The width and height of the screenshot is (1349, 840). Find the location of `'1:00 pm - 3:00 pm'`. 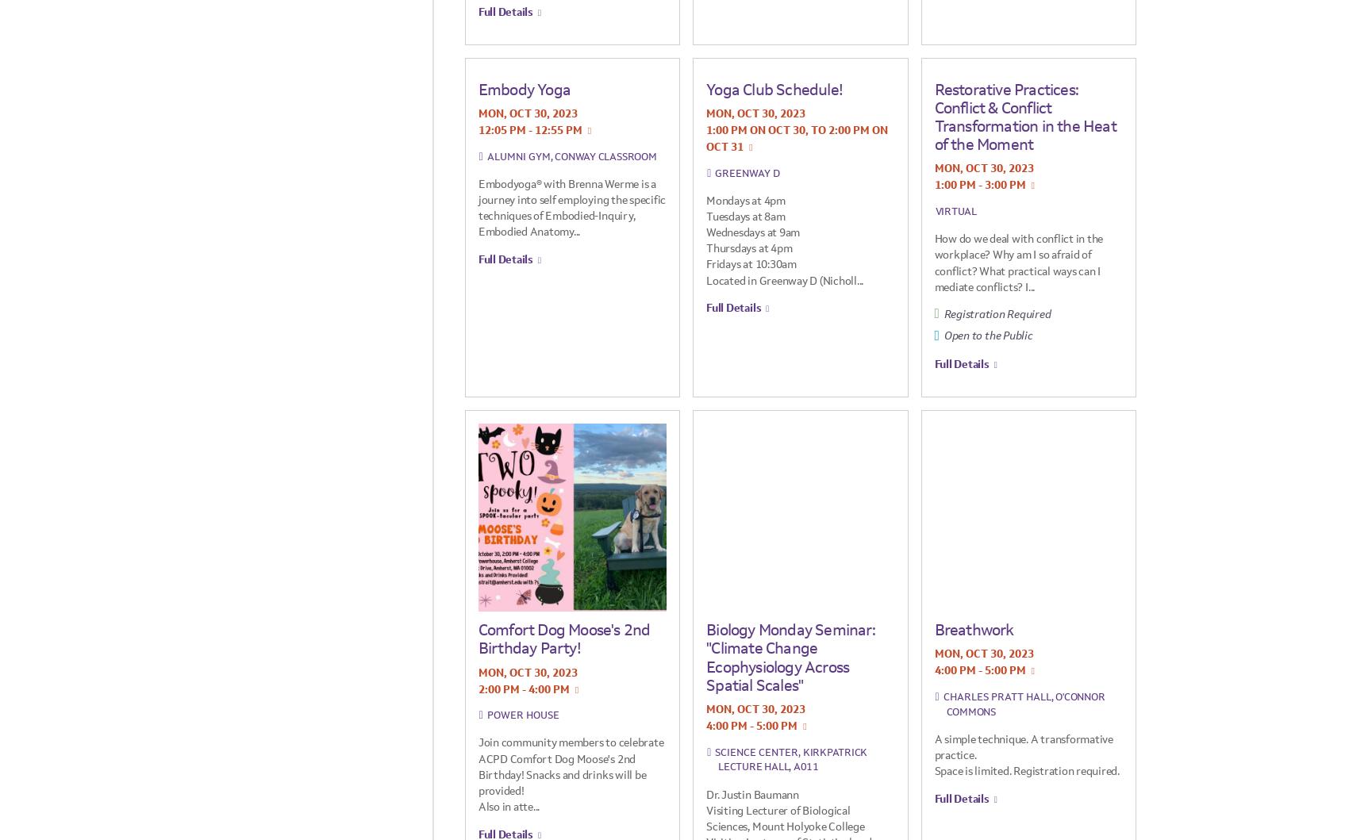

'1:00 pm - 3:00 pm' is located at coordinates (978, 184).